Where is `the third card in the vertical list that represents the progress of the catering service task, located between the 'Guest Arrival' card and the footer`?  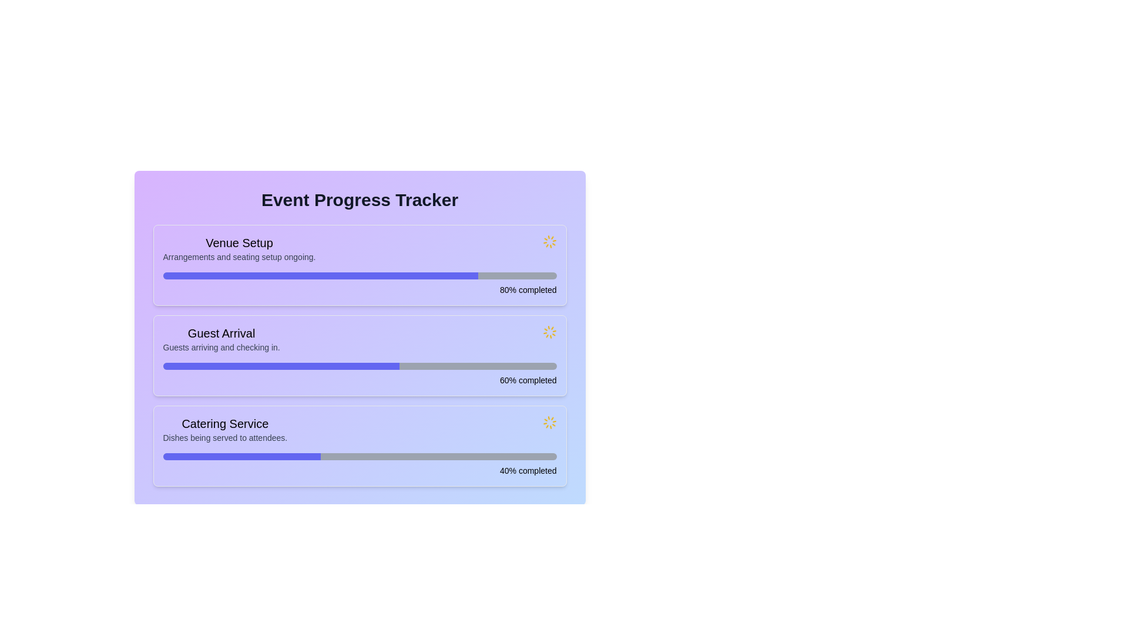 the third card in the vertical list that represents the progress of the catering service task, located between the 'Guest Arrival' card and the footer is located at coordinates (359, 446).